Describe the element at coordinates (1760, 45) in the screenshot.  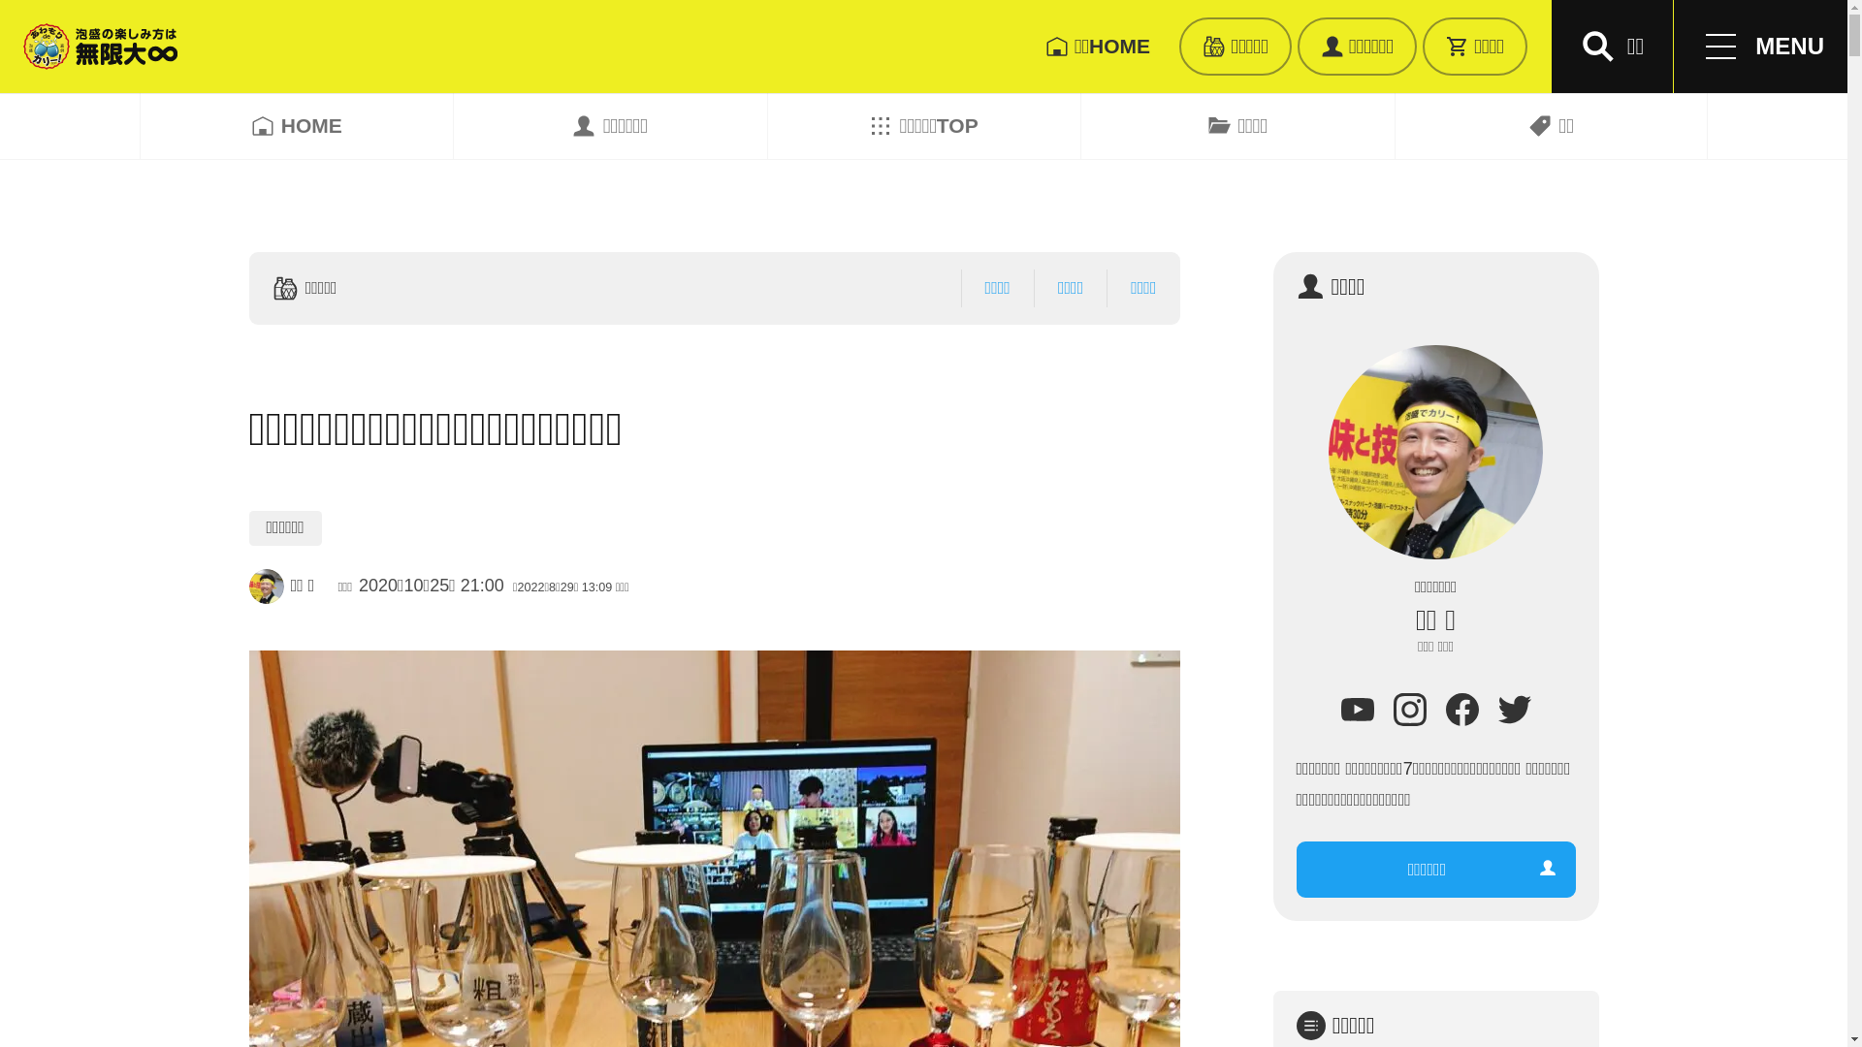
I see `'MENU'` at that location.